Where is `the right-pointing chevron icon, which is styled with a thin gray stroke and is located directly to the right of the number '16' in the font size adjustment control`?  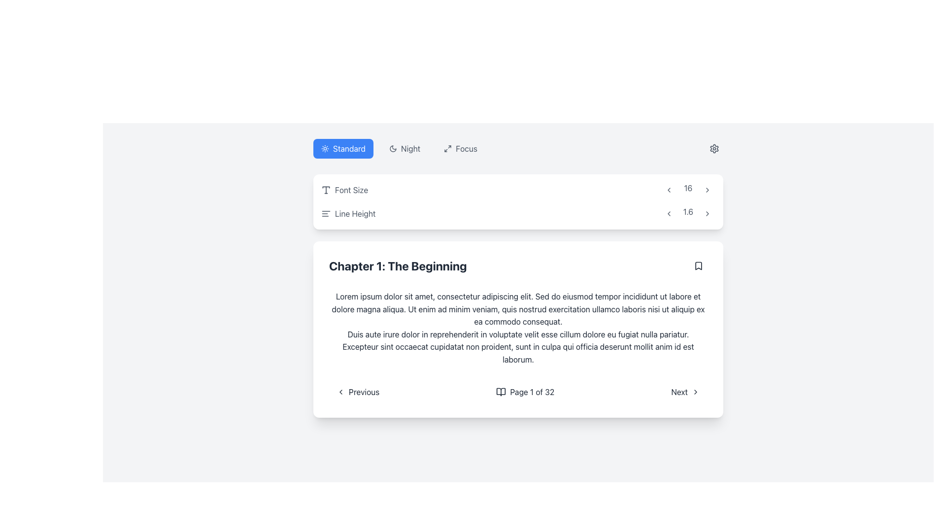
the right-pointing chevron icon, which is styled with a thin gray stroke and is located directly to the right of the number '16' in the font size adjustment control is located at coordinates (707, 190).